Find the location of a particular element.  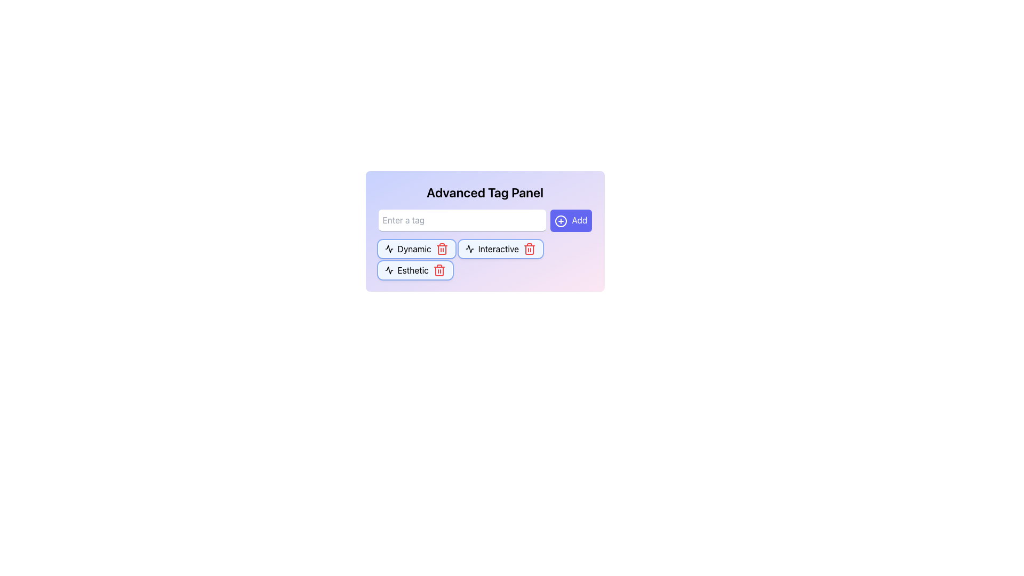

the SVG icon representing an activity graph, which is part of the button labeled 'Esthetic' is located at coordinates (388, 269).